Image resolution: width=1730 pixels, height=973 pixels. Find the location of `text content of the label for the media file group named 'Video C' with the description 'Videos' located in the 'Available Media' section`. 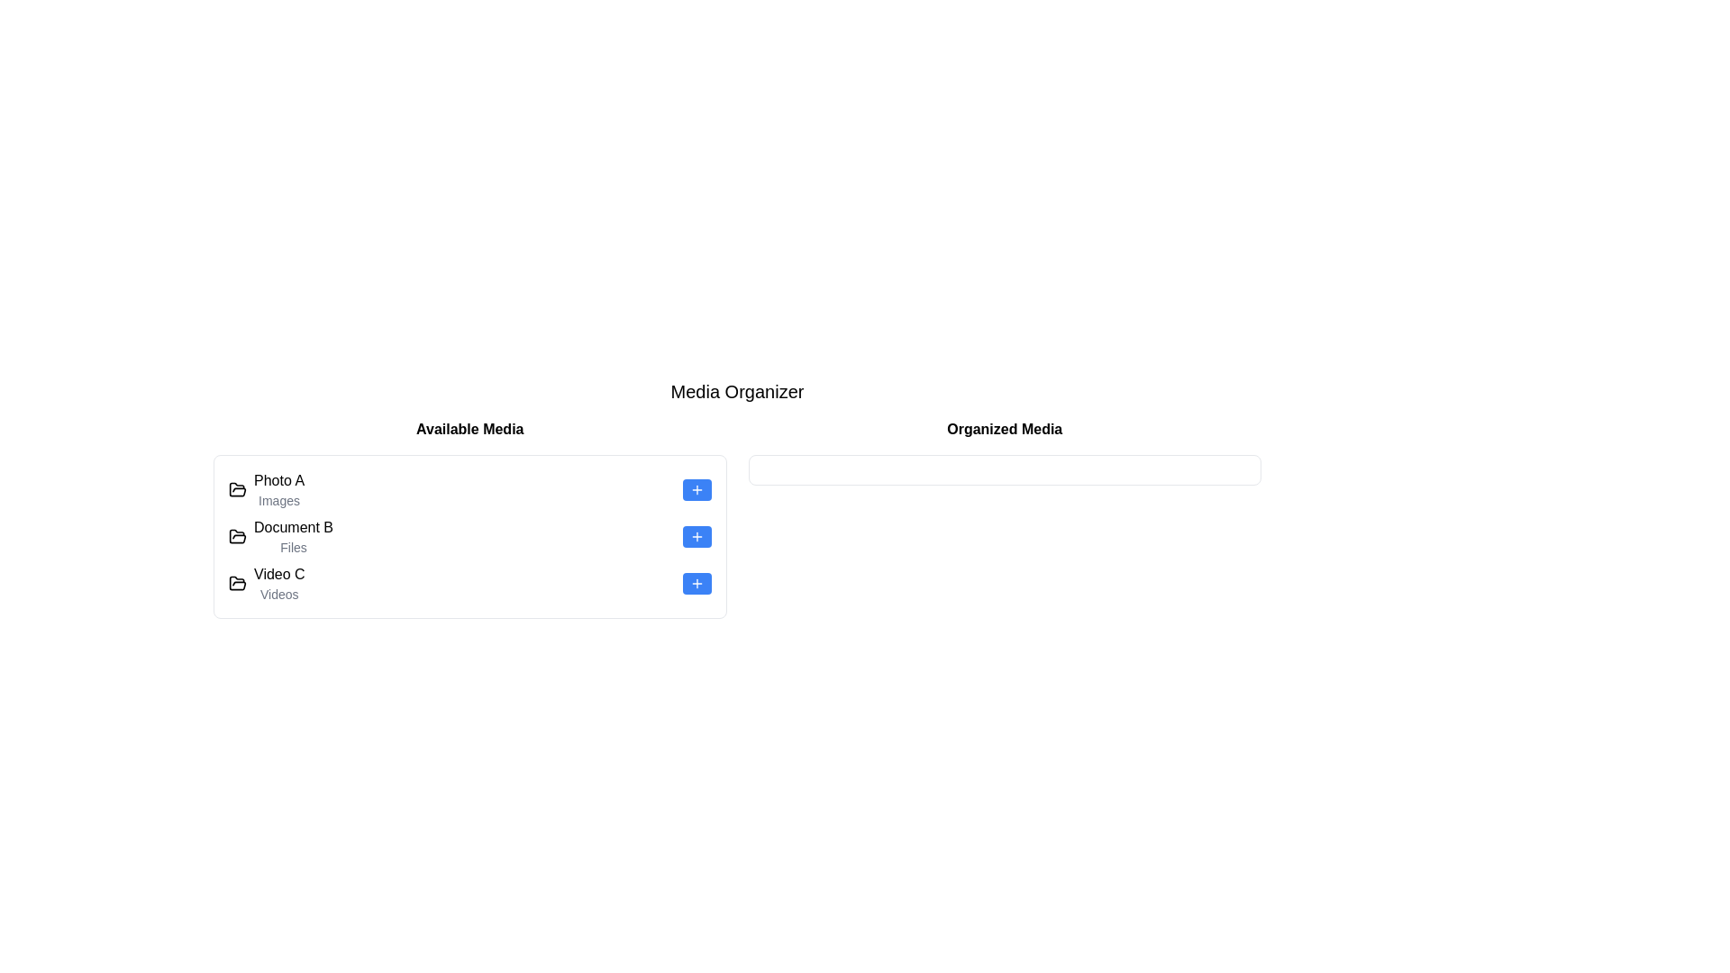

text content of the label for the media file group named 'Video C' with the description 'Videos' located in the 'Available Media' section is located at coordinates (278, 584).